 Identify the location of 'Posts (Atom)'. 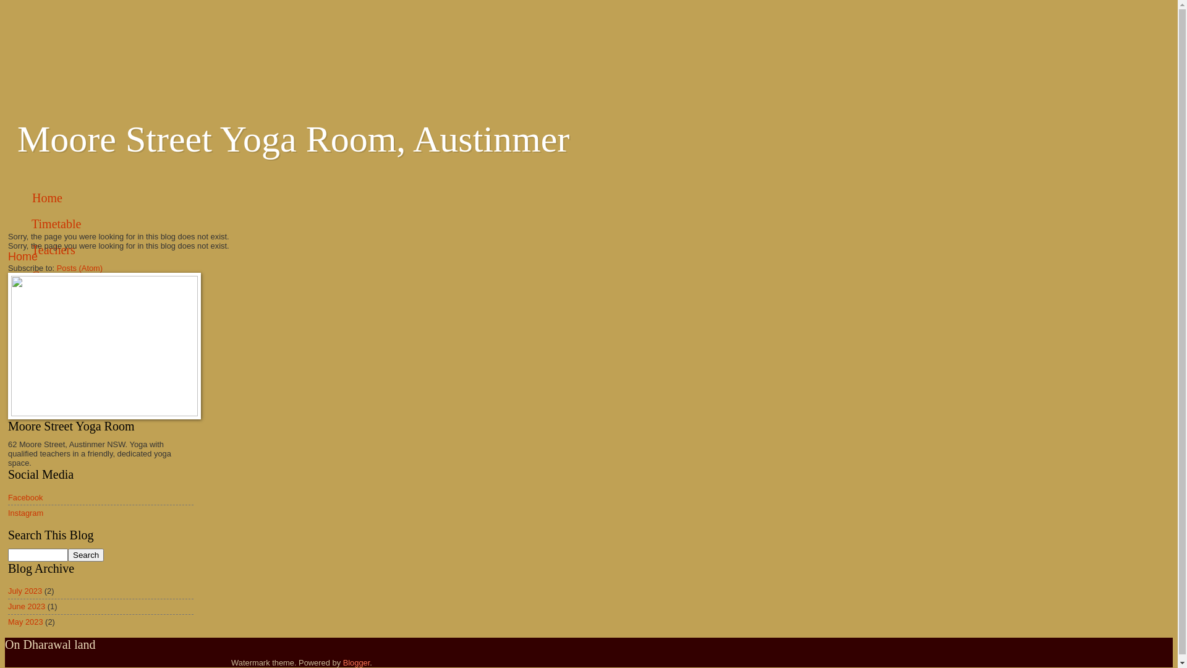
(79, 267).